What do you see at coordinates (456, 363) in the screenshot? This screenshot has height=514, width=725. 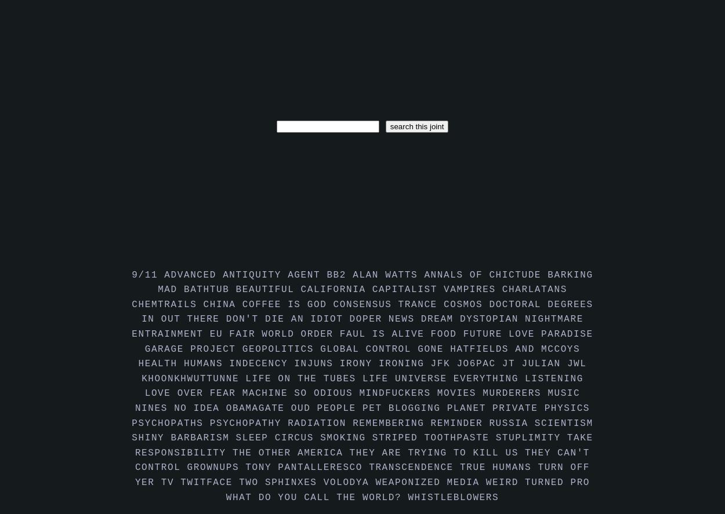 I see `'jo6pac'` at bounding box center [456, 363].